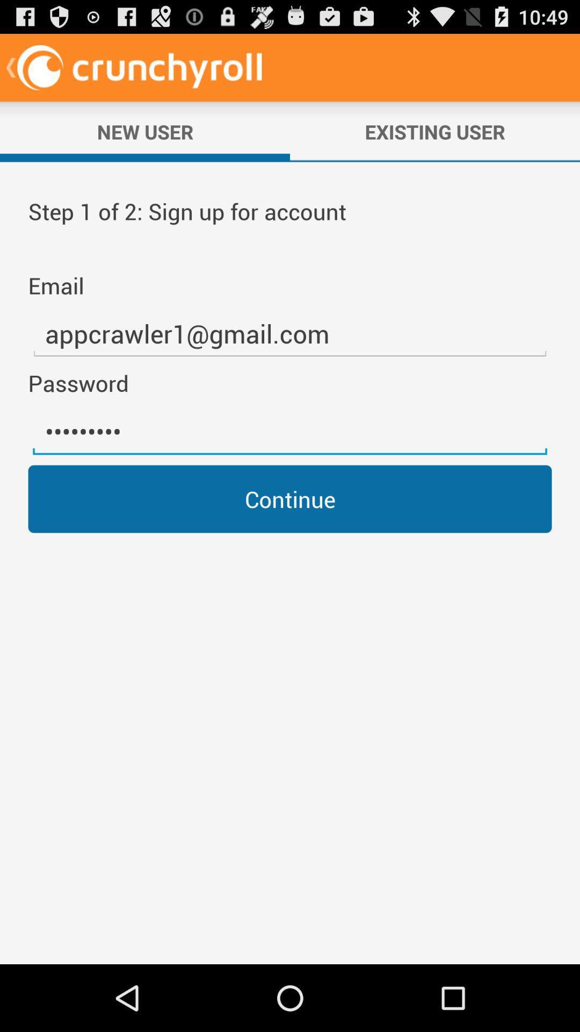  Describe the element at coordinates (290, 333) in the screenshot. I see `item below email item` at that location.